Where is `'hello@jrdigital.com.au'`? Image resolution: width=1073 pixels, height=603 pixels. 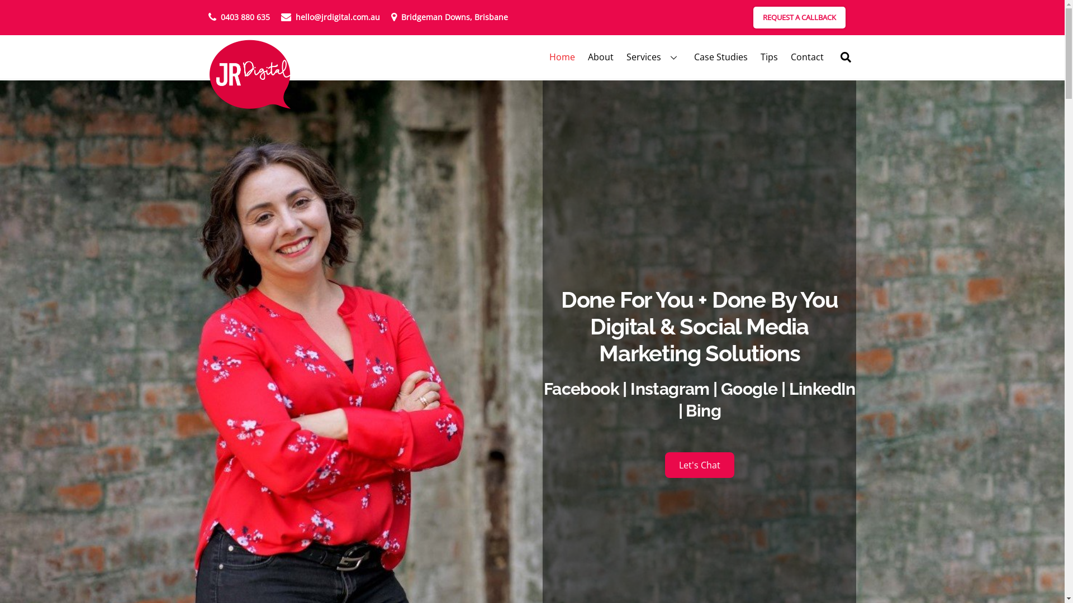 'hello@jrdigital.com.au' is located at coordinates (329, 17).